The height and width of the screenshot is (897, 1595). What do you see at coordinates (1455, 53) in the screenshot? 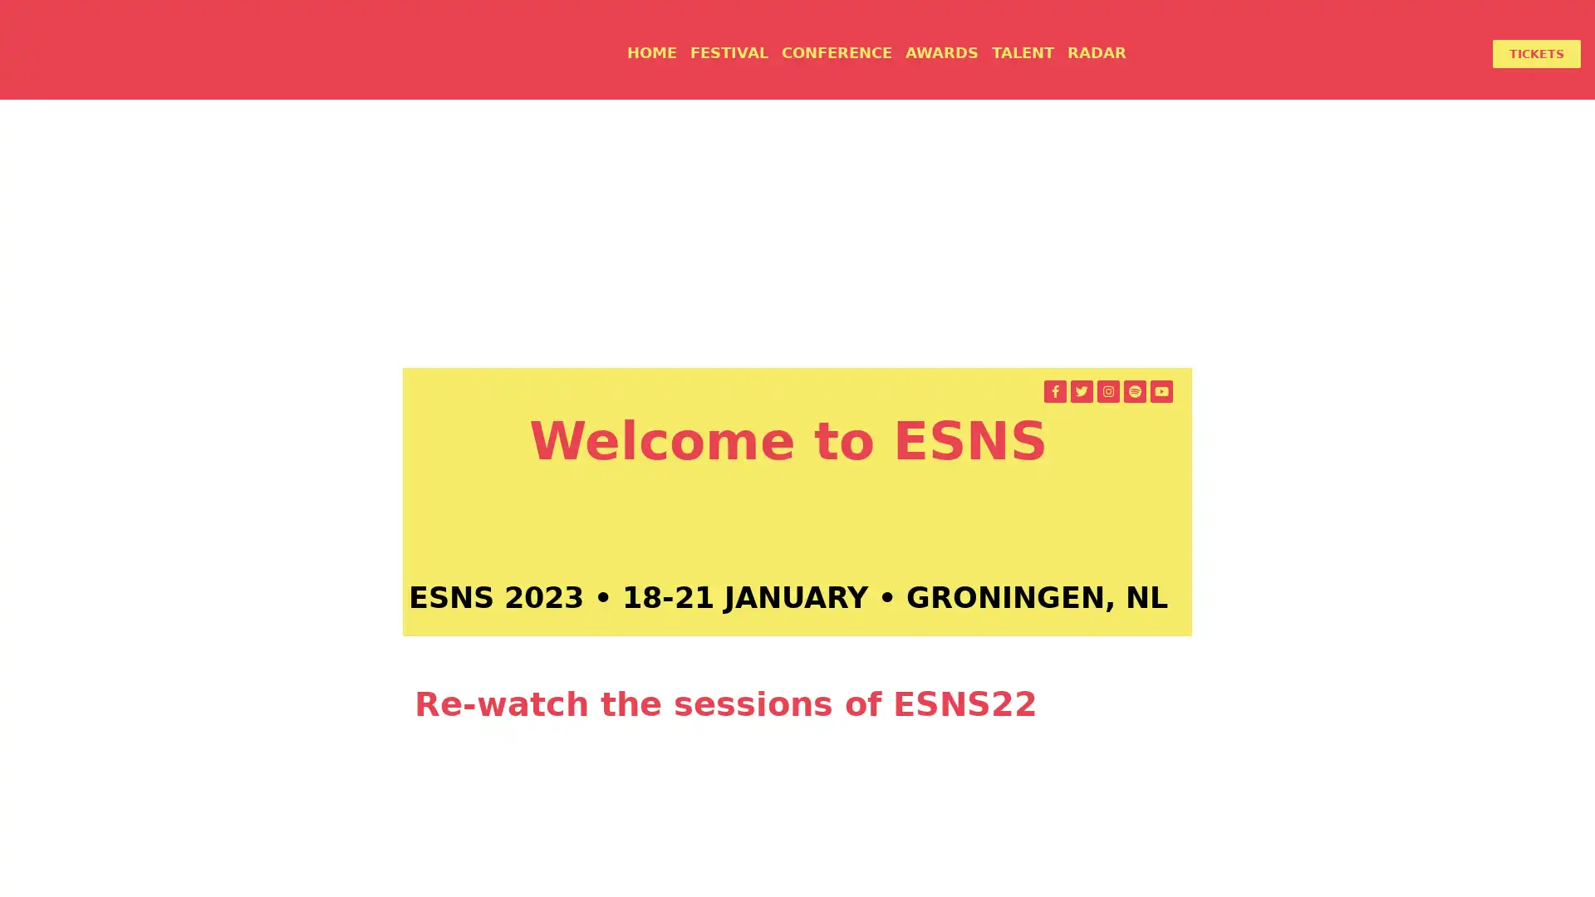
I see `LOGIN` at bounding box center [1455, 53].